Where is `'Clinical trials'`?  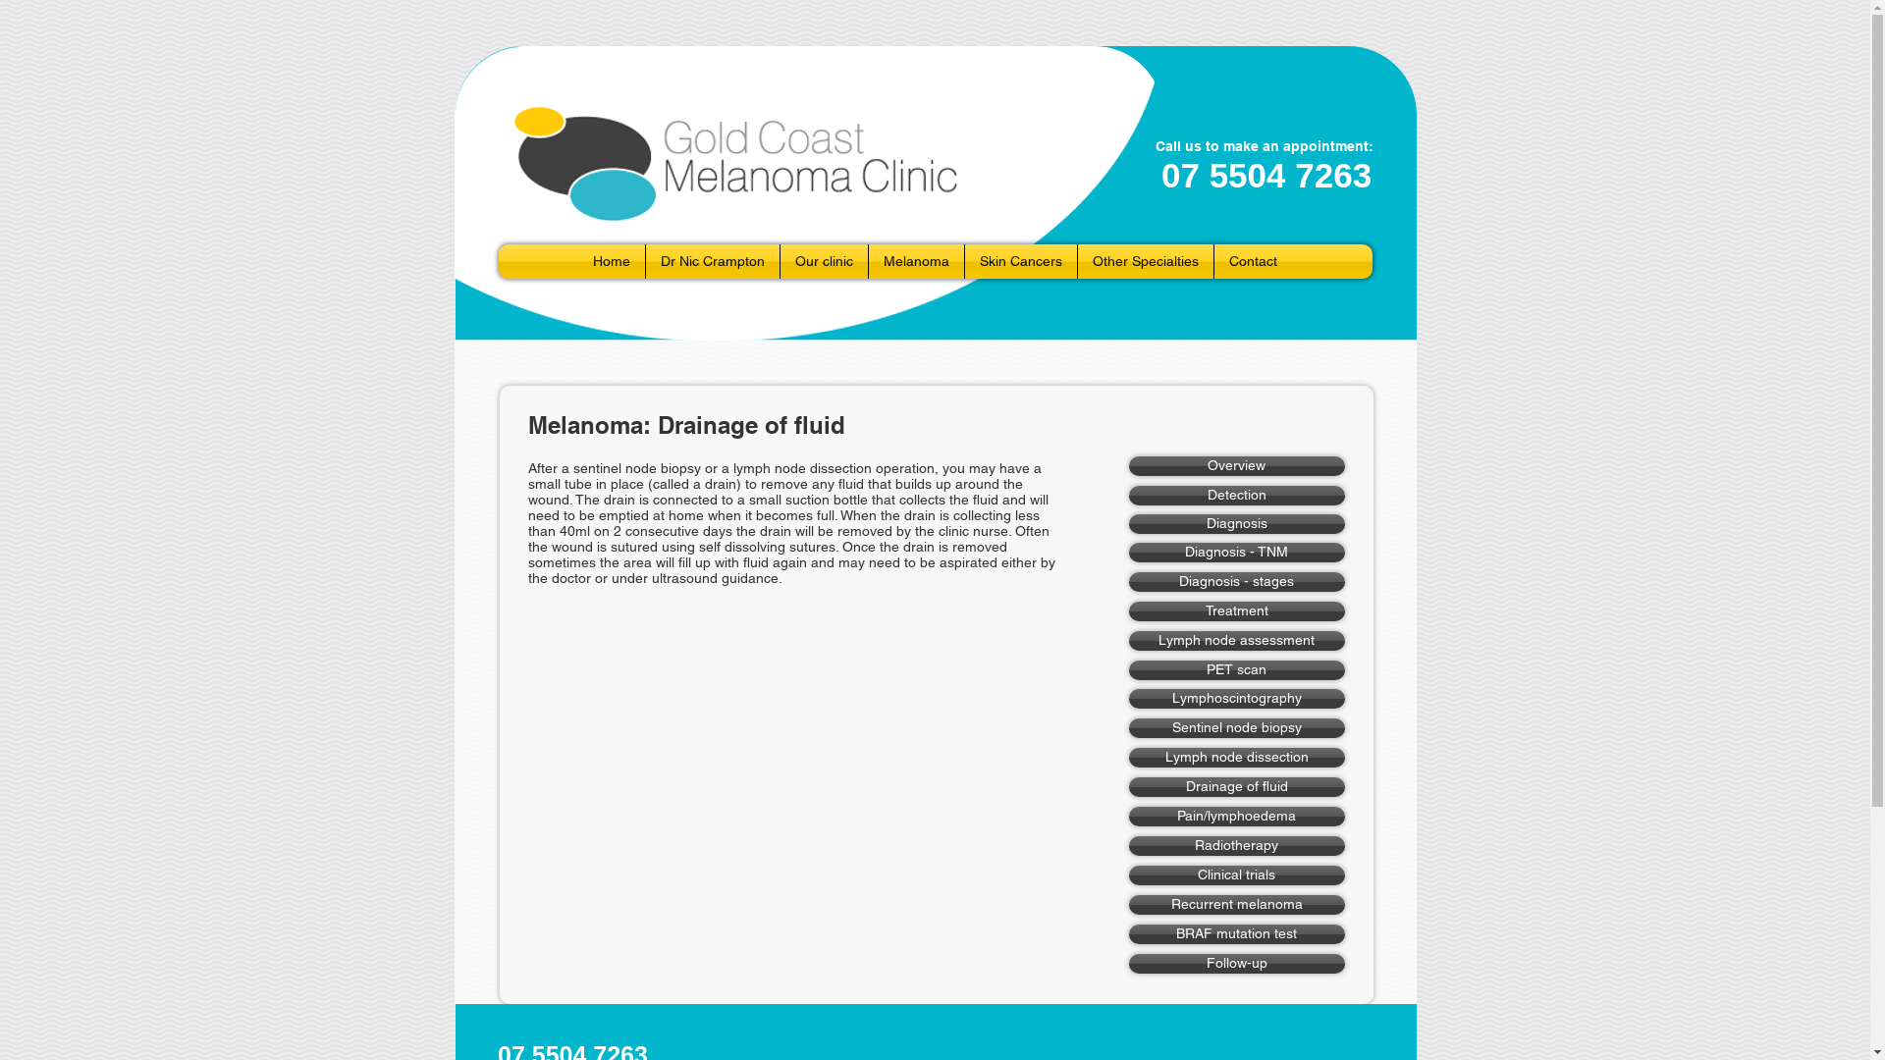 'Clinical trials' is located at coordinates (1129, 874).